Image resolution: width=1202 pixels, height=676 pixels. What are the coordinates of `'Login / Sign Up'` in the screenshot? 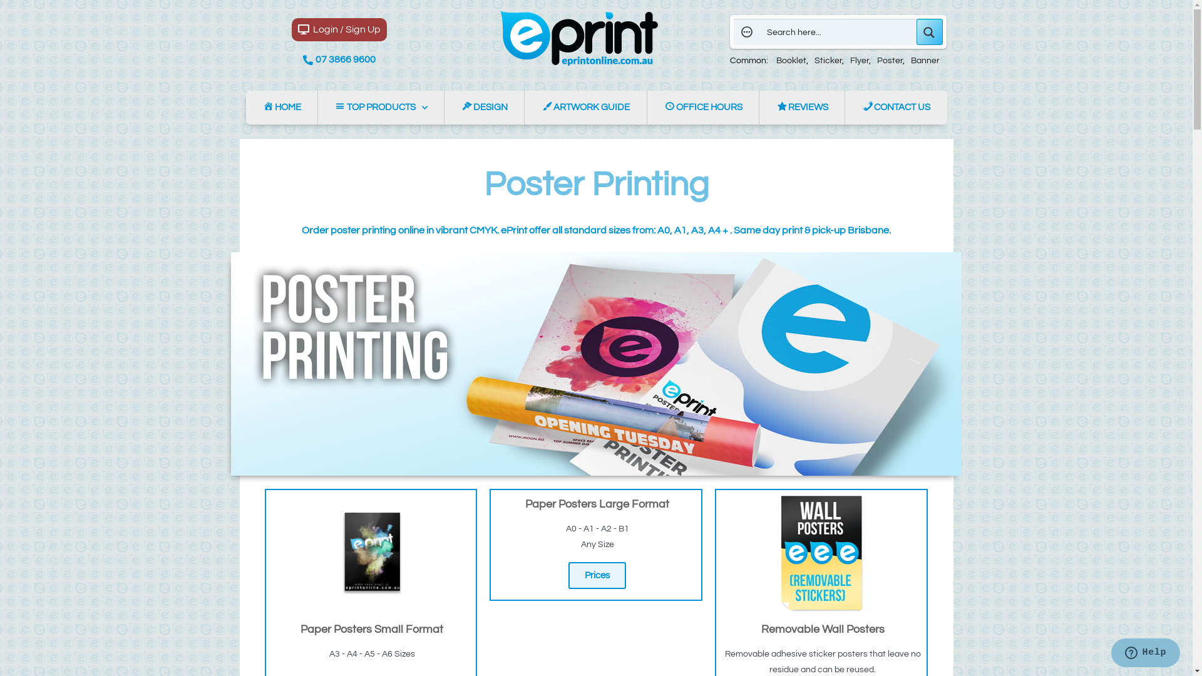 It's located at (339, 29).